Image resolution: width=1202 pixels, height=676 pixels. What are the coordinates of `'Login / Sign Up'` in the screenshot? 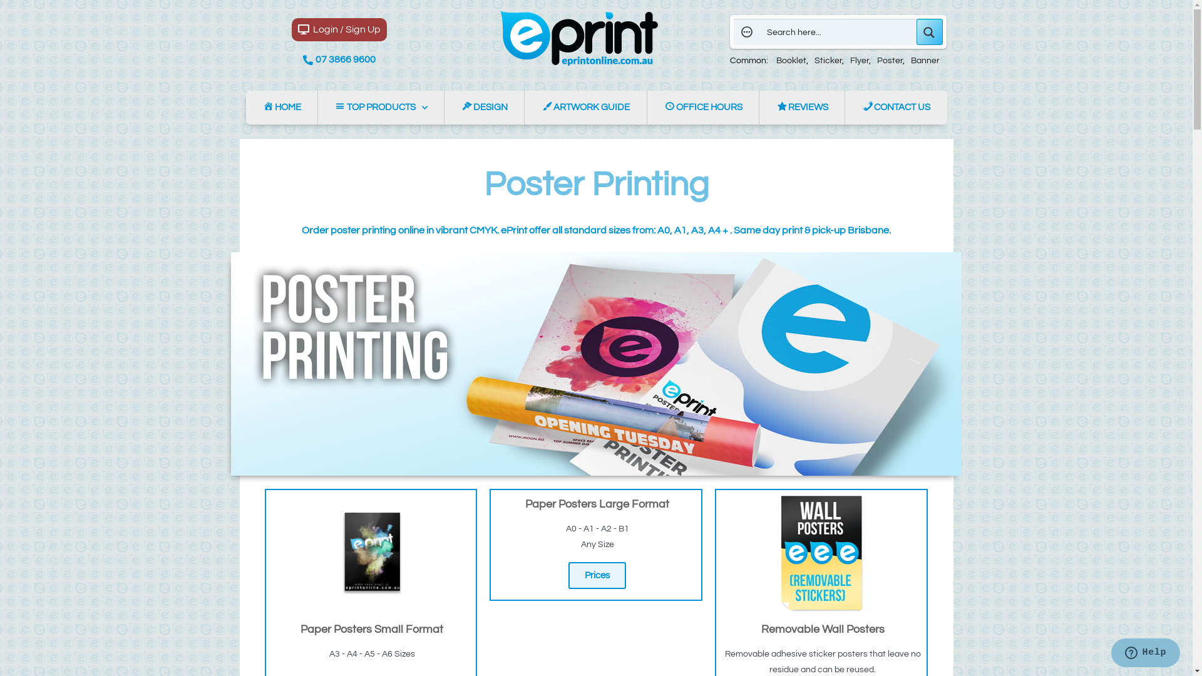 It's located at (339, 29).